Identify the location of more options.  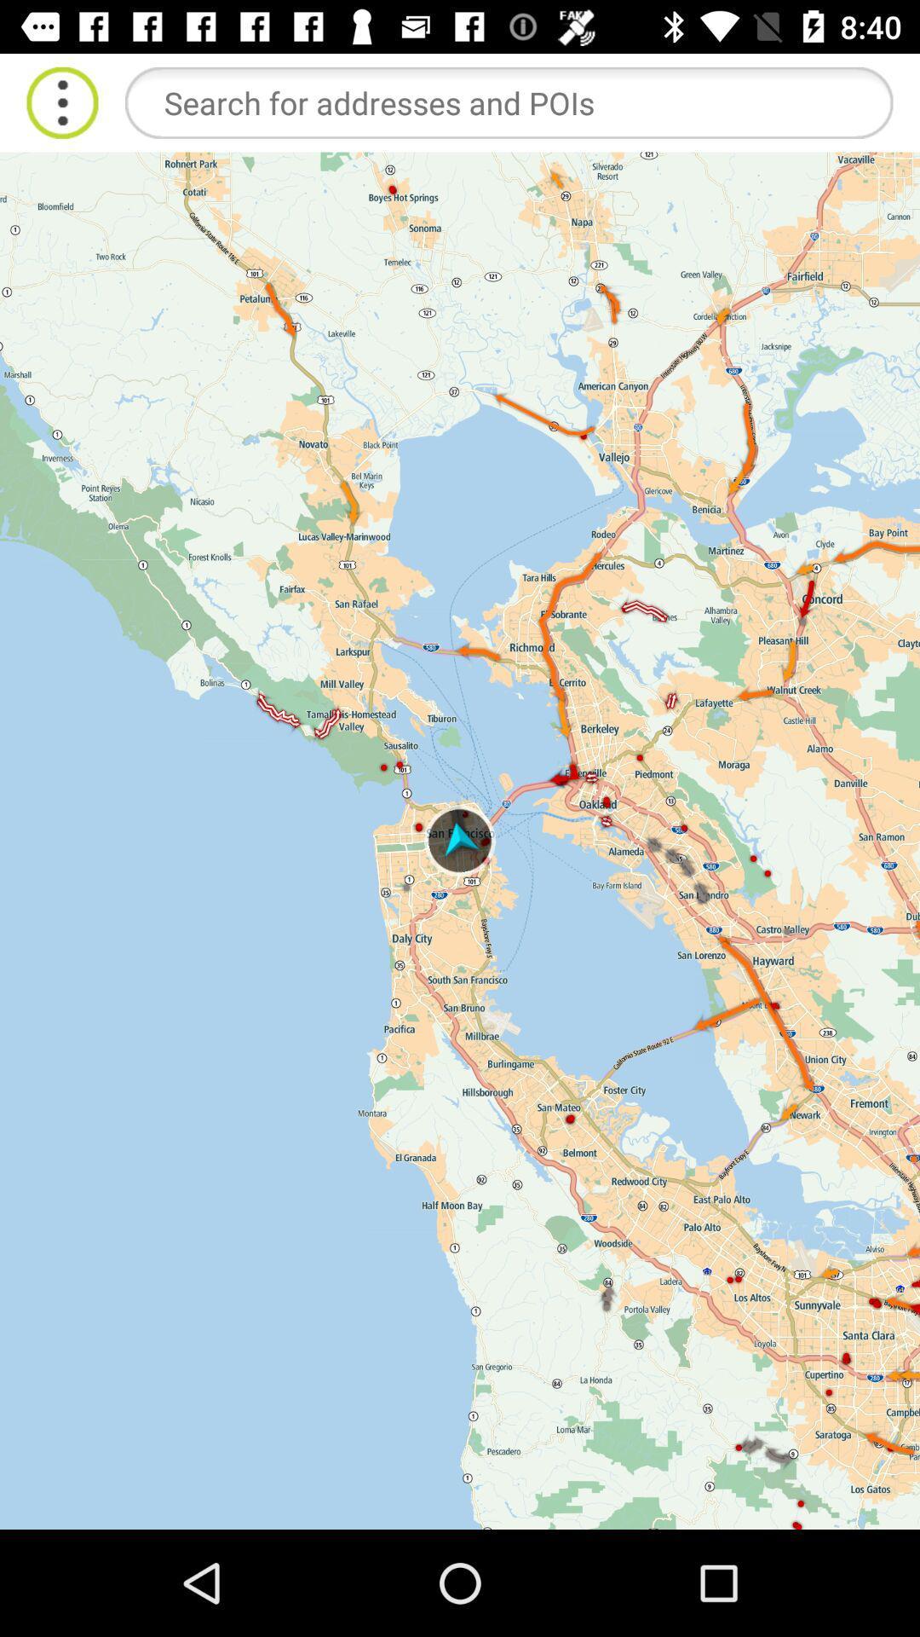
(61, 101).